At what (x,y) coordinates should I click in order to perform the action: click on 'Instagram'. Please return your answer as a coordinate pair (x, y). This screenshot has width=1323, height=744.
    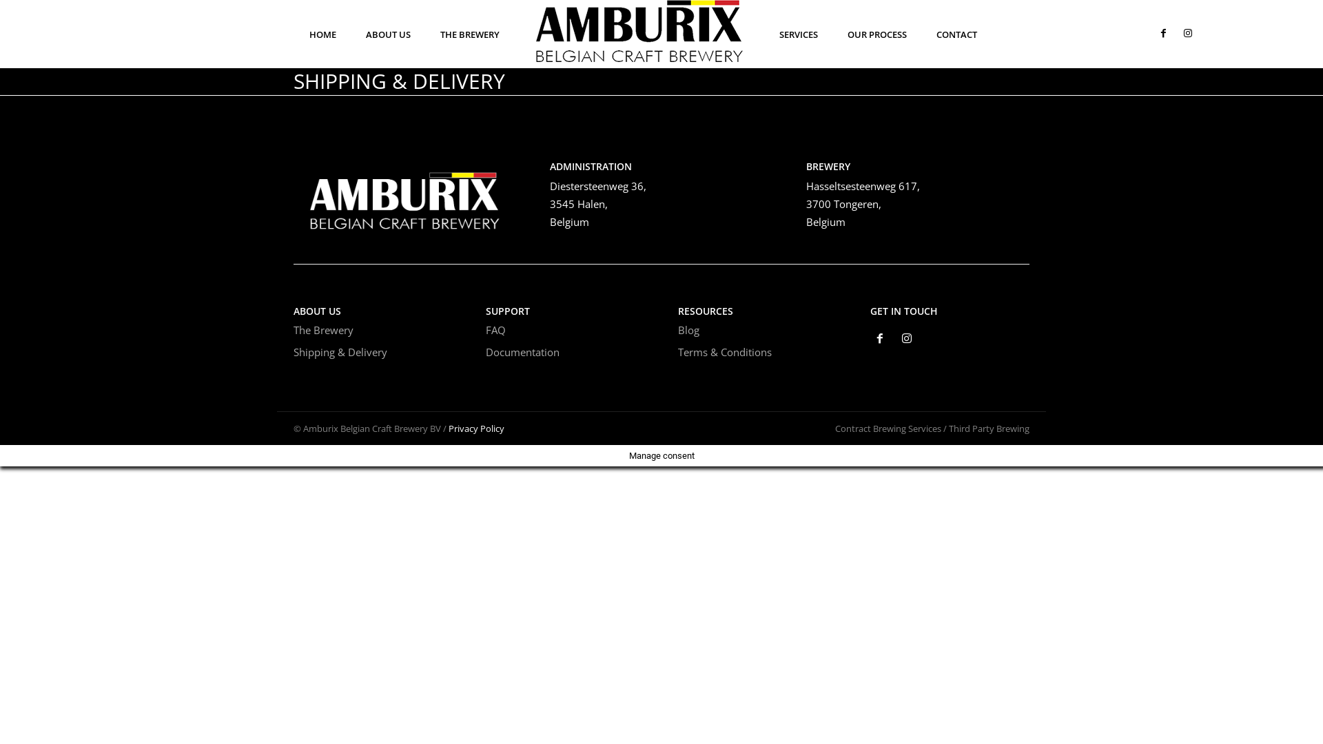
    Looking at the image, I should click on (1179, 33).